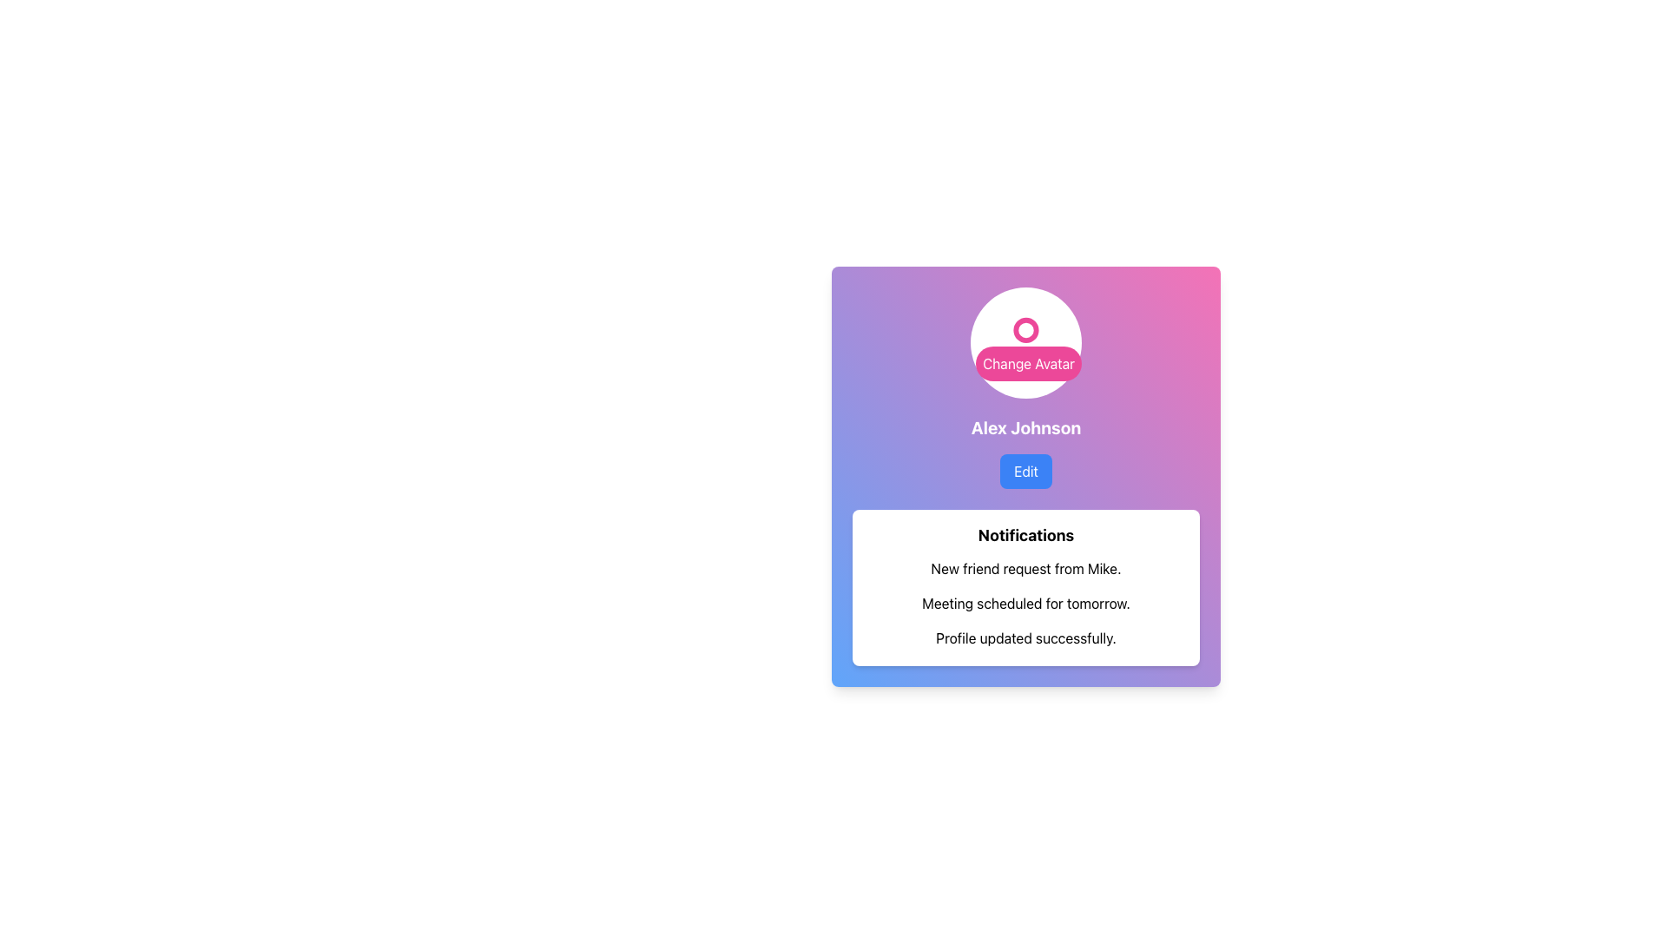  What do you see at coordinates (1025, 476) in the screenshot?
I see `the button for editing user-related settings located below the name 'Alex Johnson'` at bounding box center [1025, 476].